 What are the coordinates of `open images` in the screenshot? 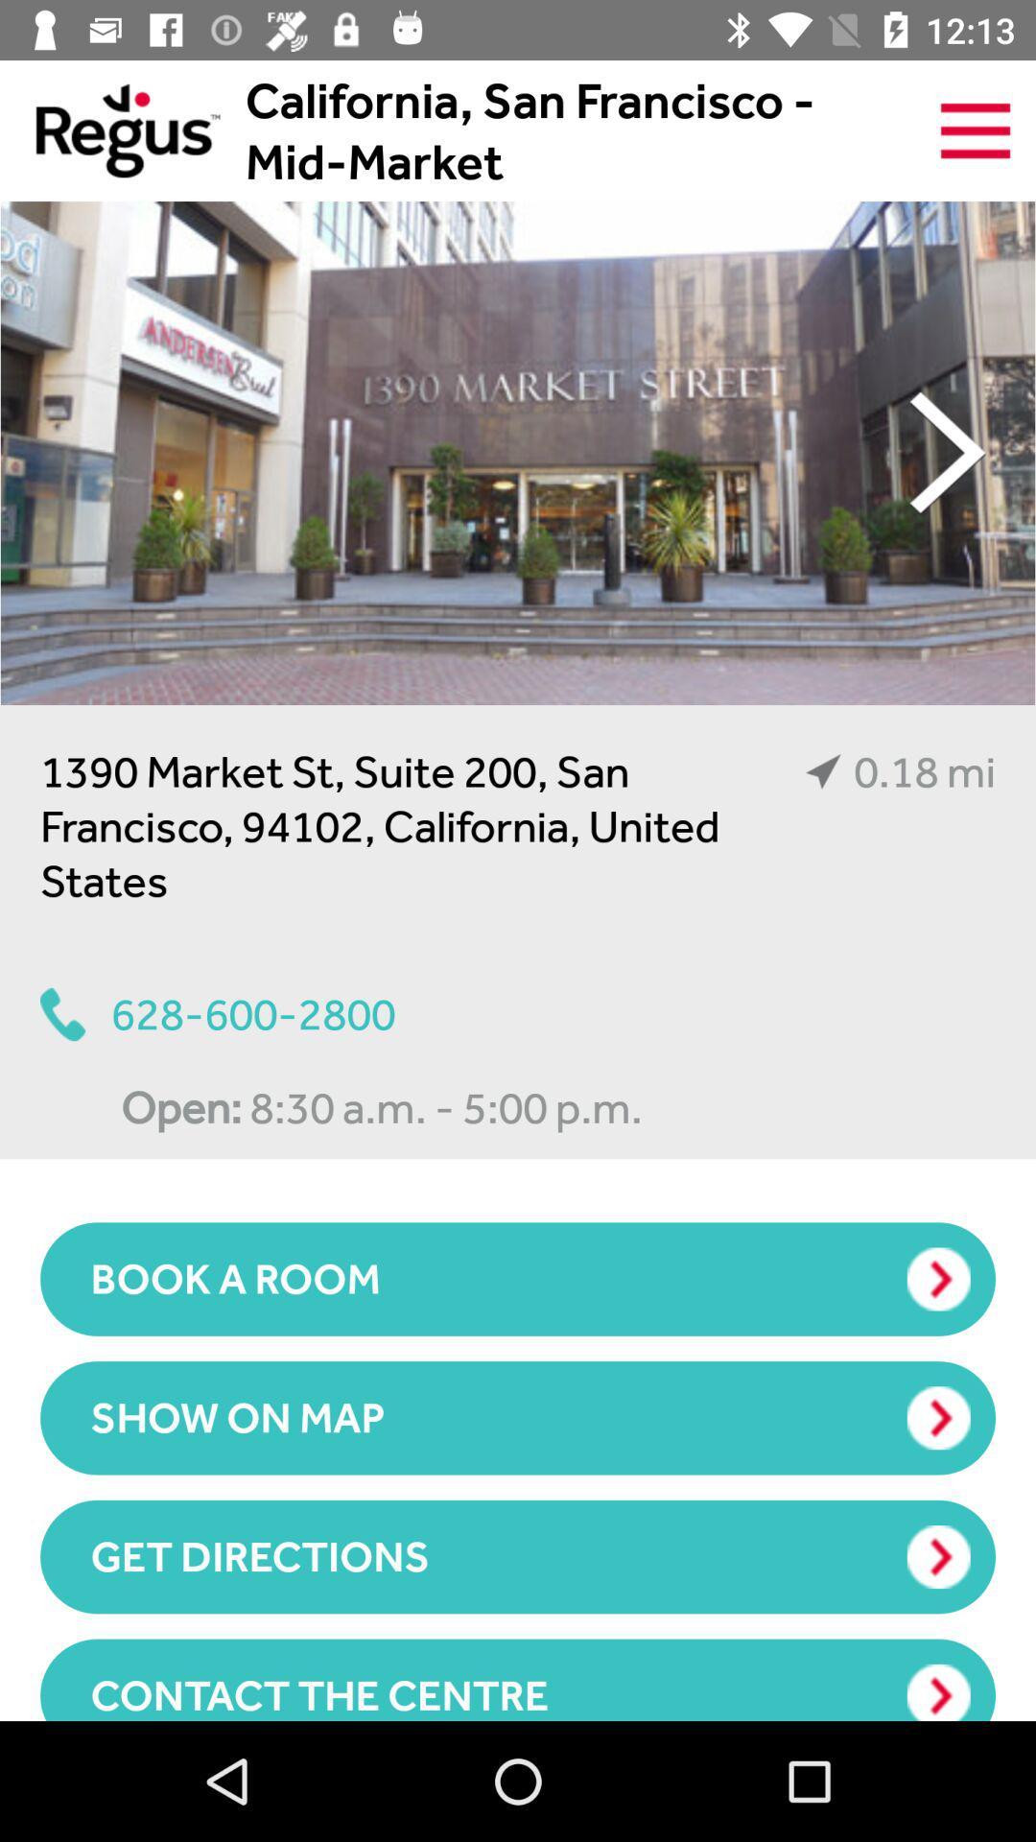 It's located at (518, 452).